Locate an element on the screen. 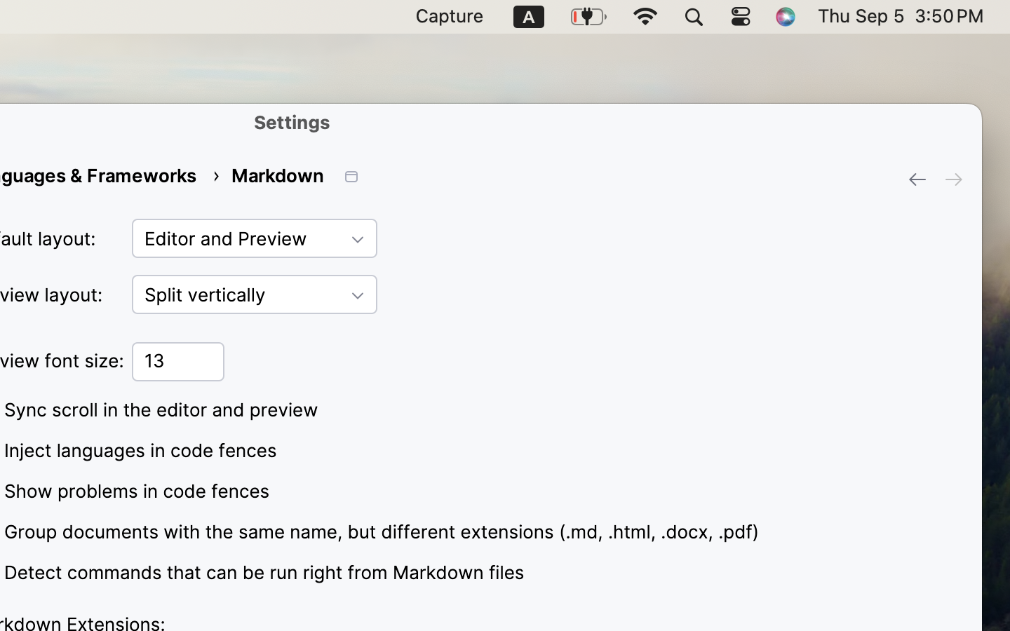  'Editor and Preview' is located at coordinates (254, 238).